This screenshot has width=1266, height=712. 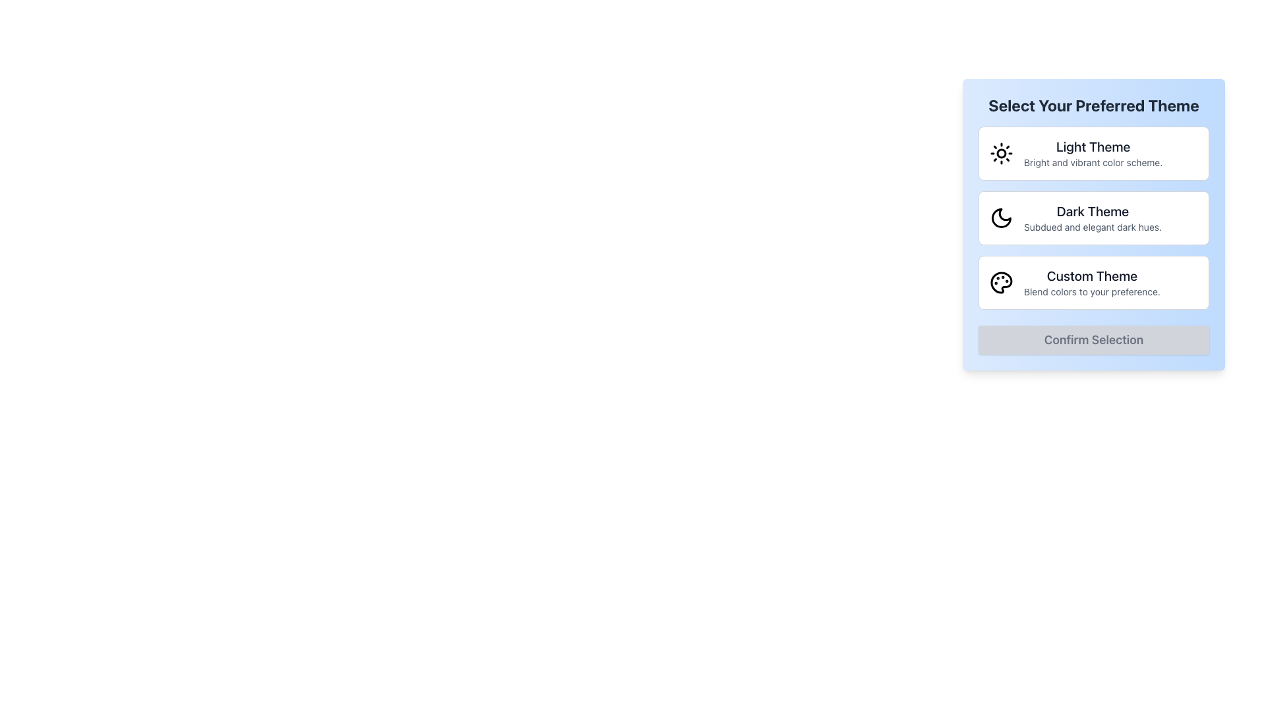 I want to click on textual content of the first theme option titled 'Light Theme', which consists of two lines of text: 'Light Theme' in bold and 'Bright and vibrant color scheme.' in a smaller font, so click(x=1093, y=152).